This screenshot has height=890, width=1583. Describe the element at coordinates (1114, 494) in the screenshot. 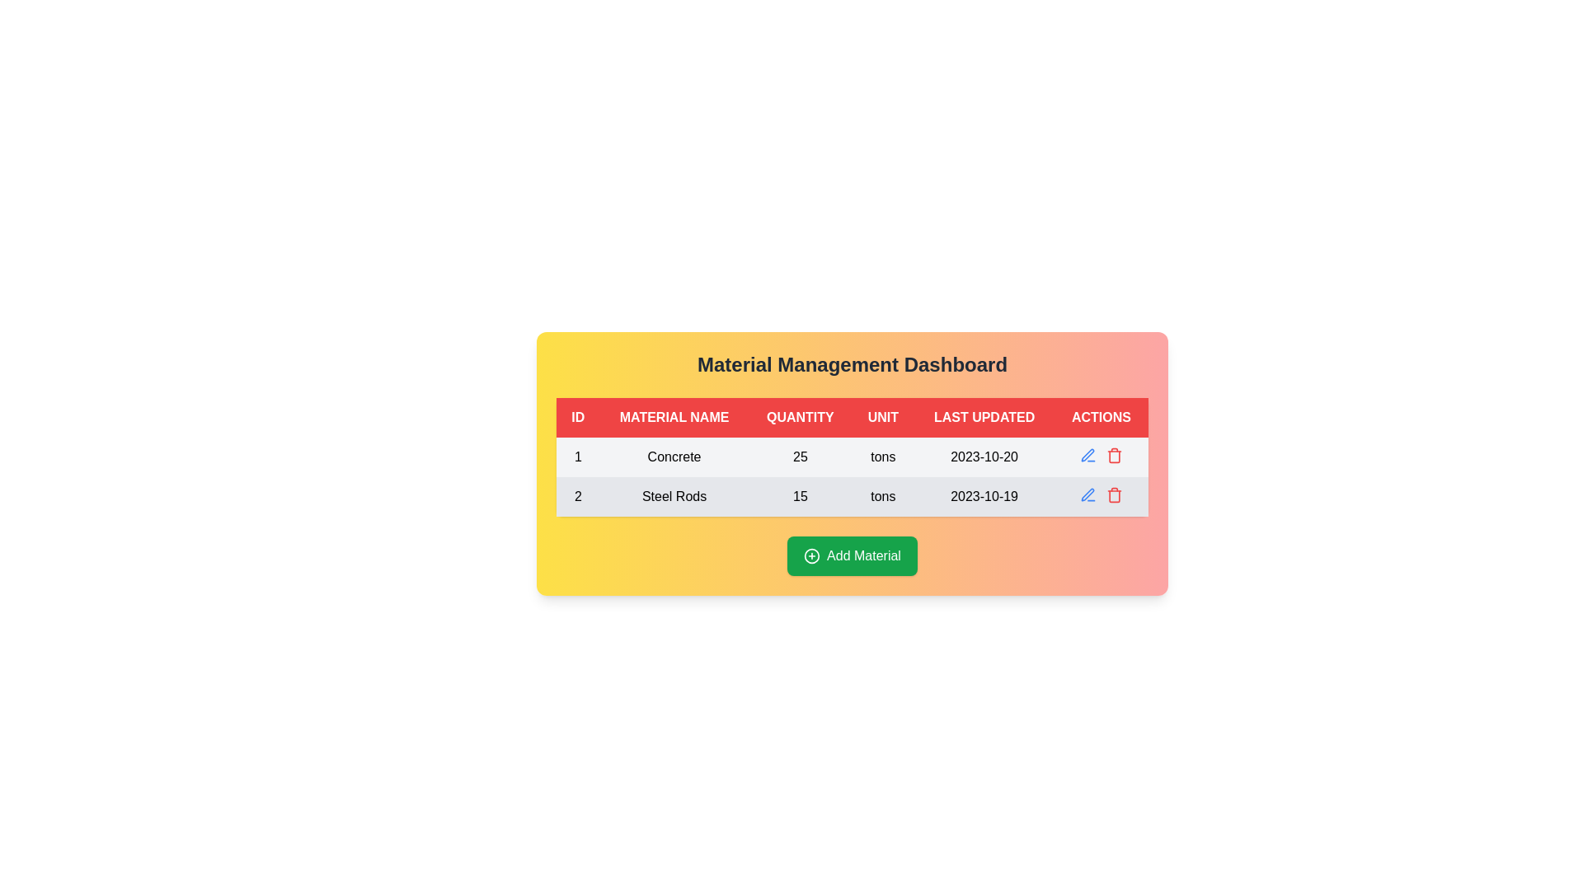

I see `the red trash bin icon button located in the 'Actions' column of the row for 'Steel Rods'` at that location.